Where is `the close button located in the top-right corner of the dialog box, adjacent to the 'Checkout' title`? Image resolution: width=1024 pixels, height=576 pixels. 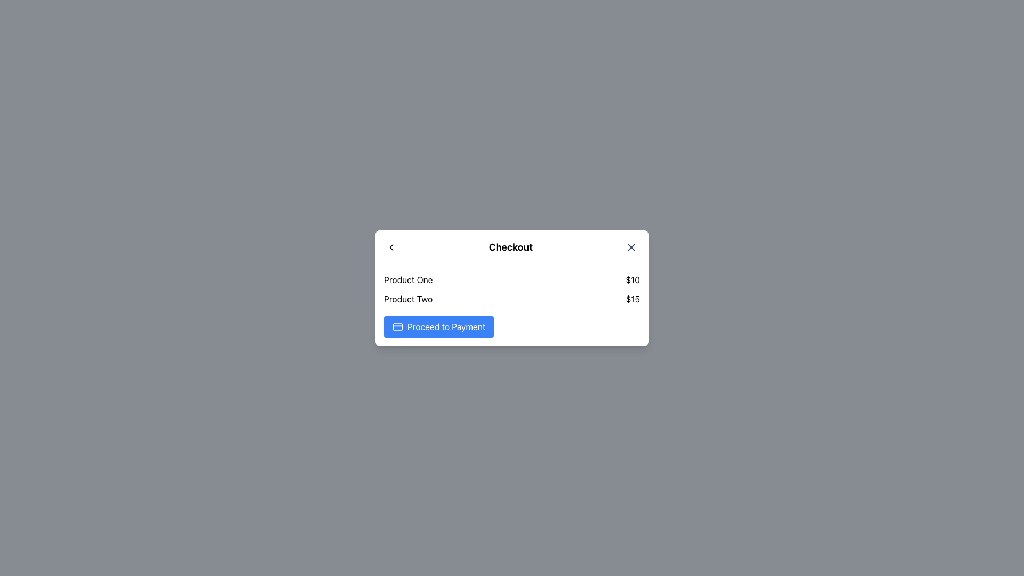 the close button located in the top-right corner of the dialog box, adjacent to the 'Checkout' title is located at coordinates (631, 247).